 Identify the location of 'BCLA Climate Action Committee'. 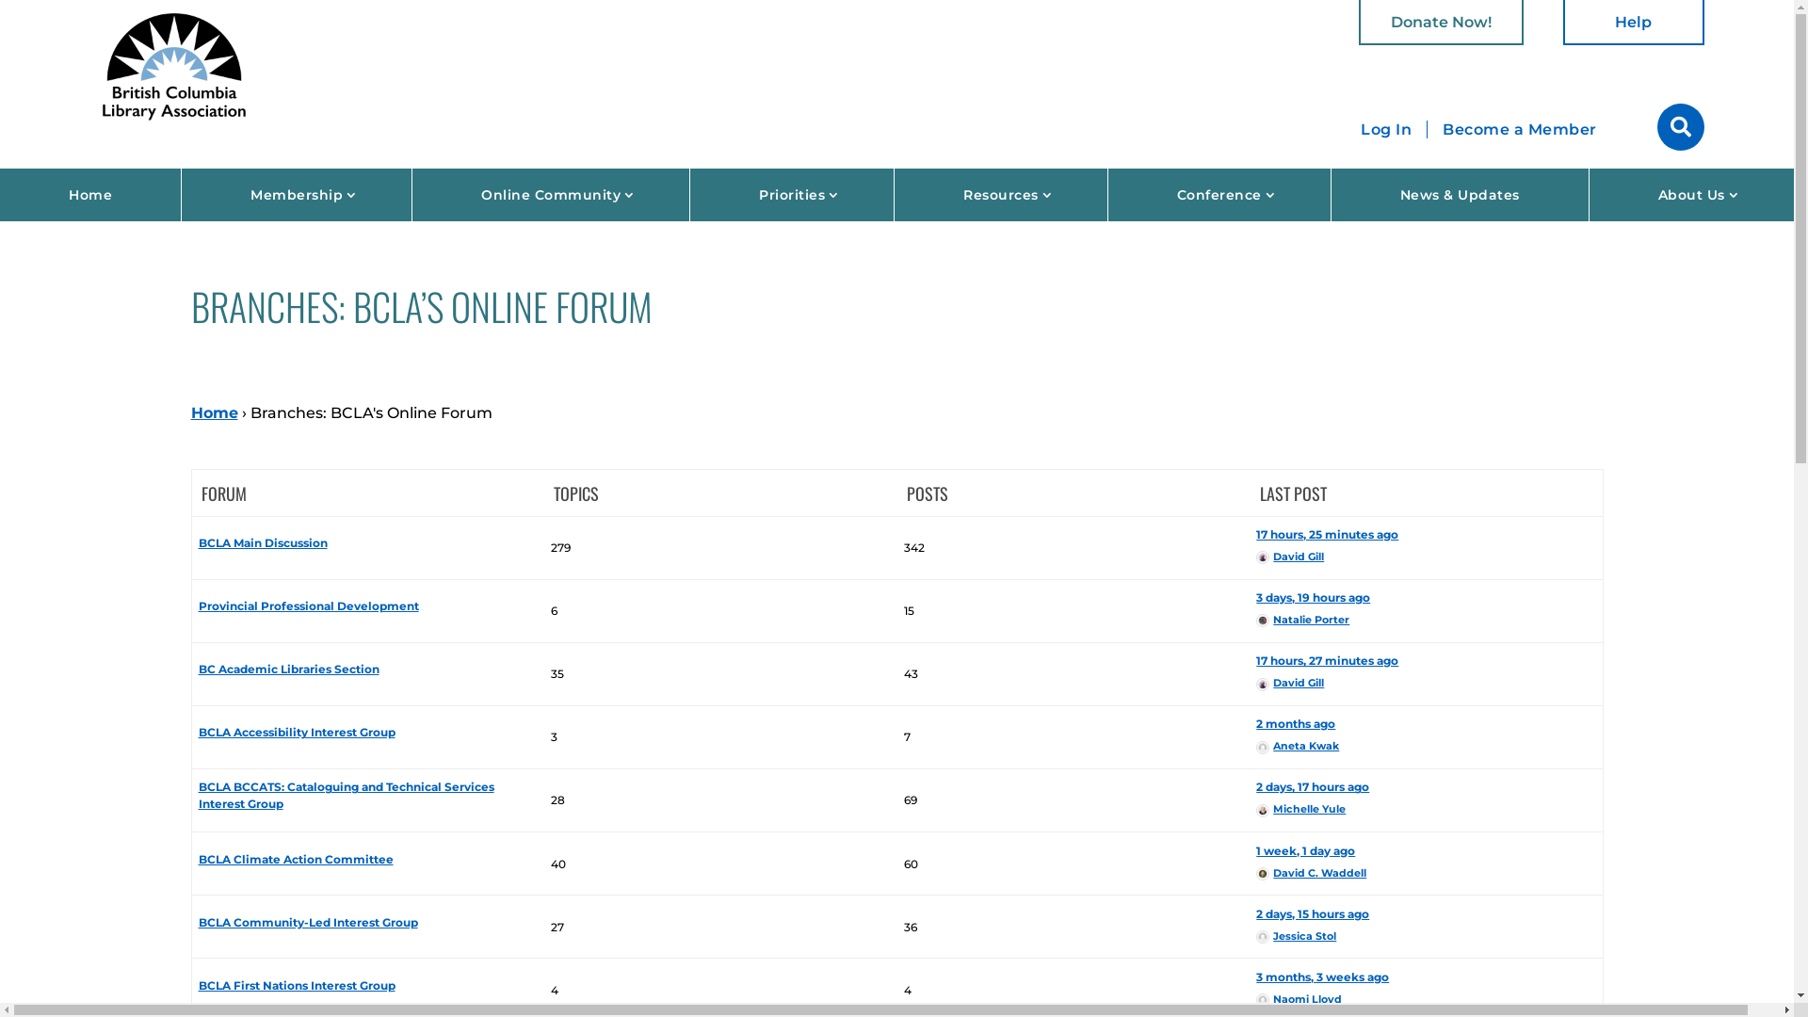
(295, 859).